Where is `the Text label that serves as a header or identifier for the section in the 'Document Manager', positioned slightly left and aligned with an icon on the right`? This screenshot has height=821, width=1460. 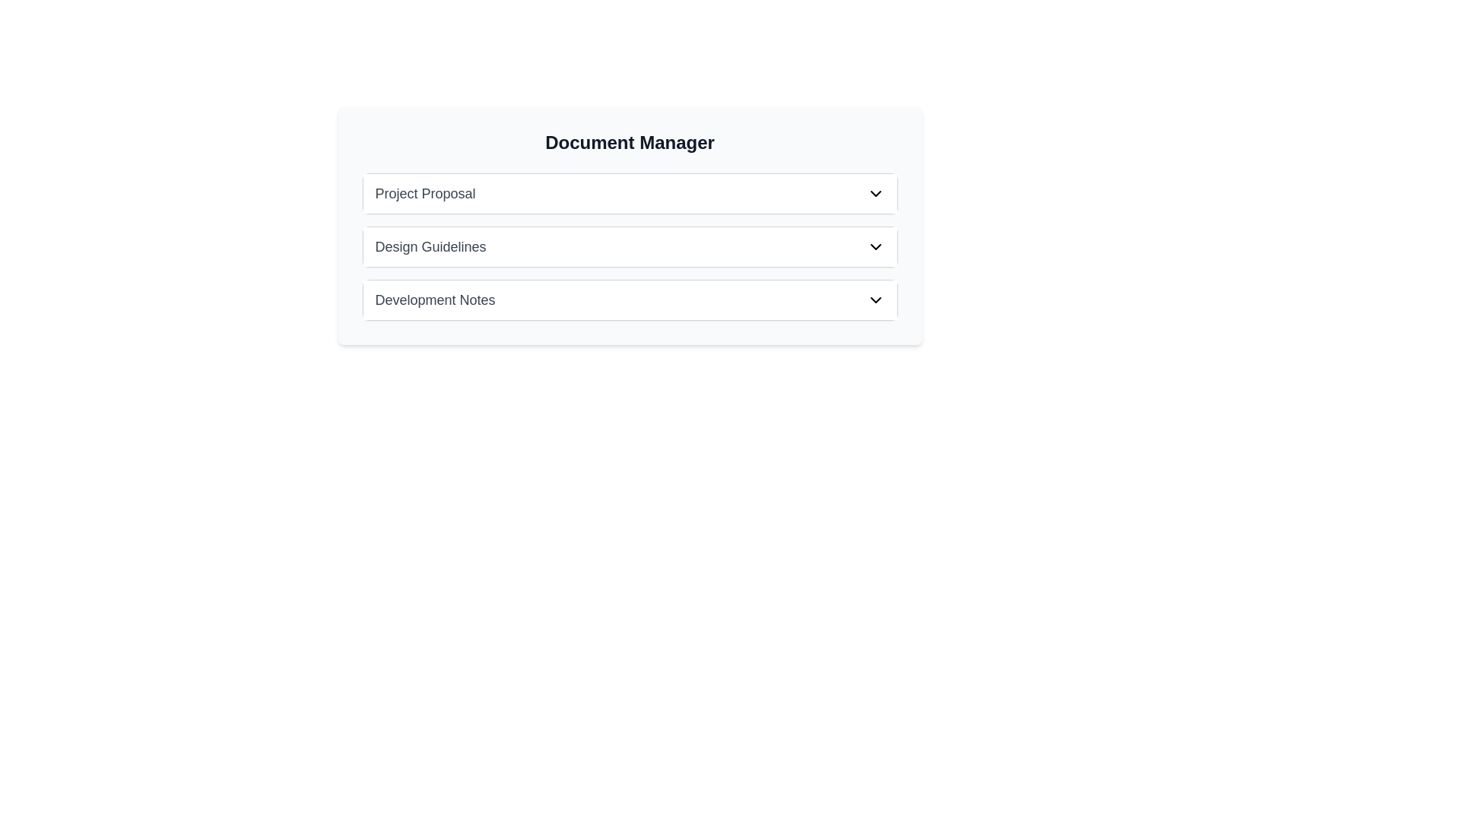 the Text label that serves as a header or identifier for the section in the 'Document Manager', positioned slightly left and aligned with an icon on the right is located at coordinates (425, 192).